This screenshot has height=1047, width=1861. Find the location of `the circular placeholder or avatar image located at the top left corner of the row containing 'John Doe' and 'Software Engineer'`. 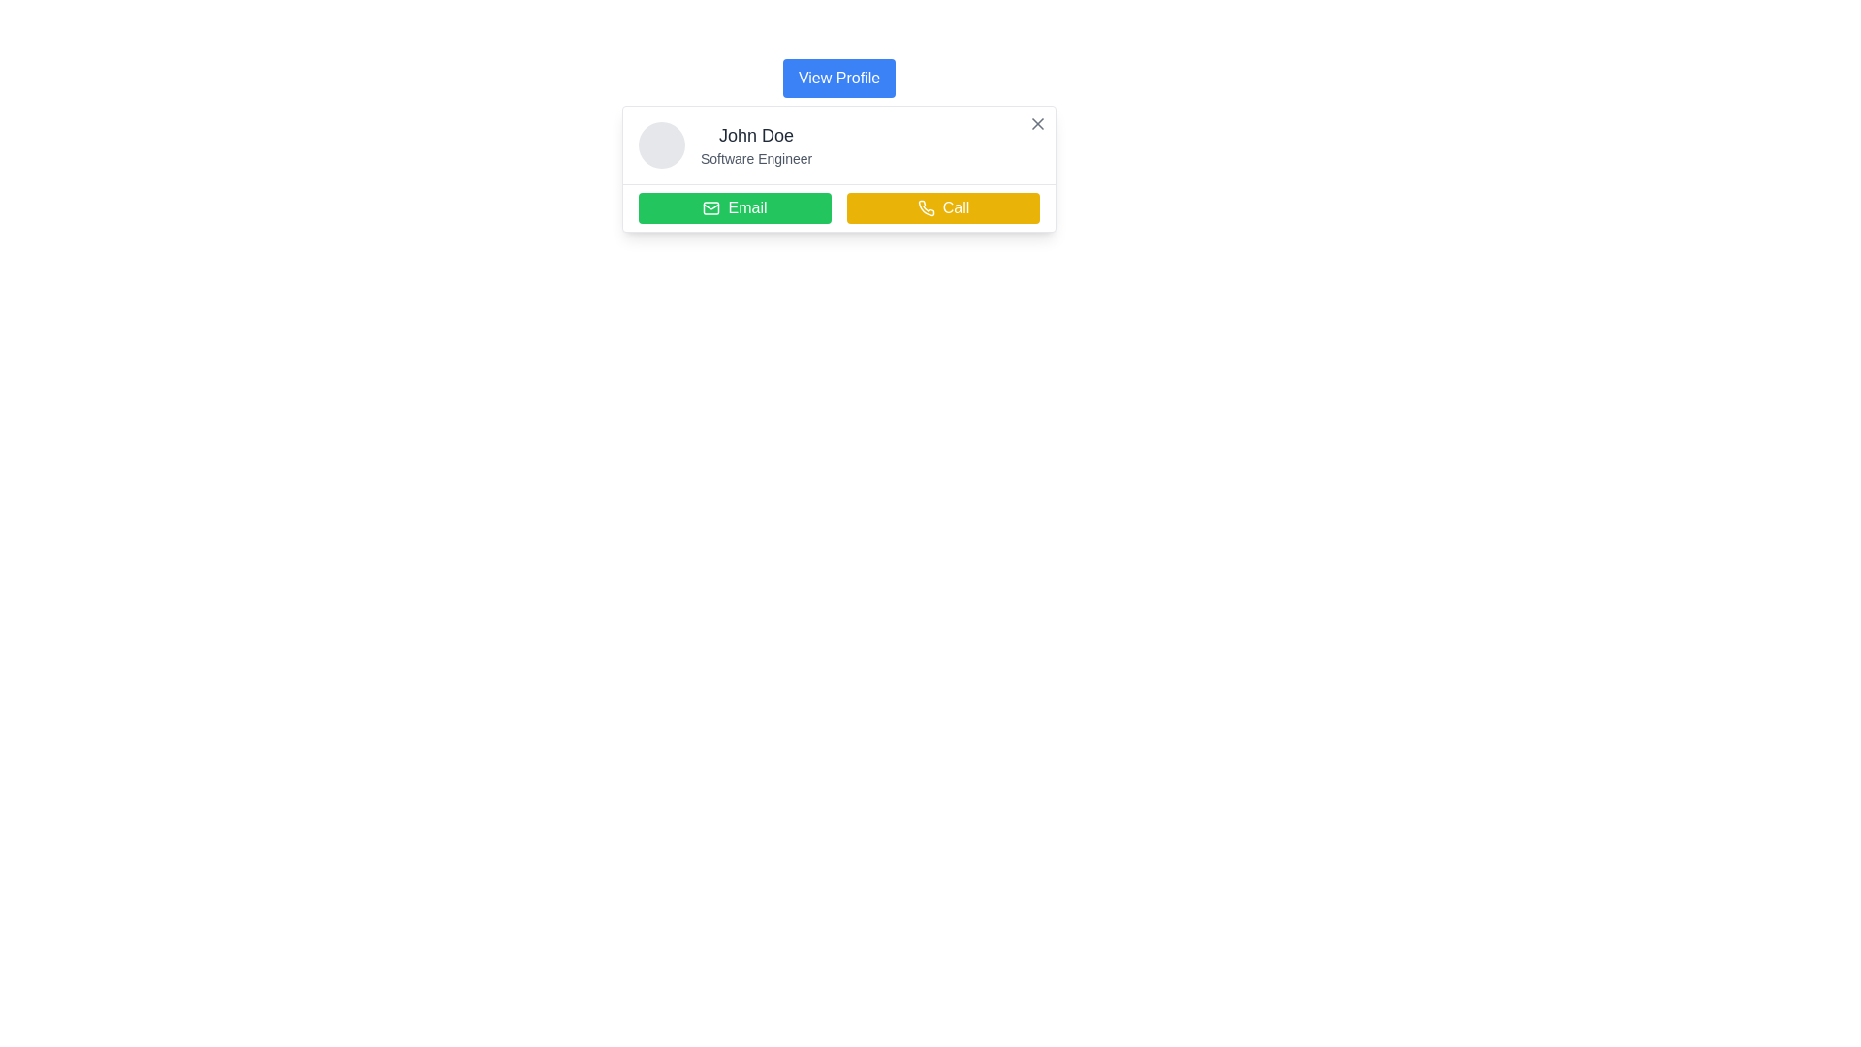

the circular placeholder or avatar image located at the top left corner of the row containing 'John Doe' and 'Software Engineer' is located at coordinates (661, 144).